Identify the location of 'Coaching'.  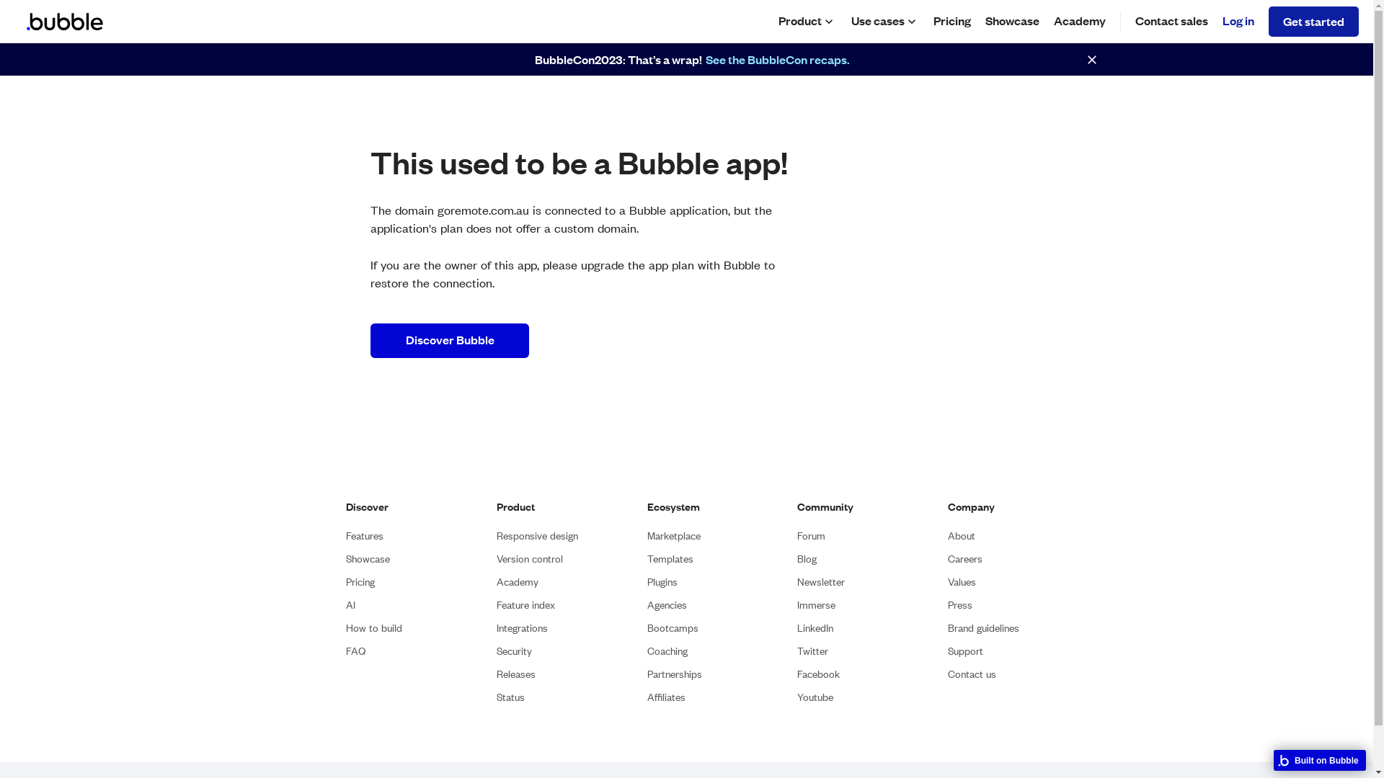
(646, 650).